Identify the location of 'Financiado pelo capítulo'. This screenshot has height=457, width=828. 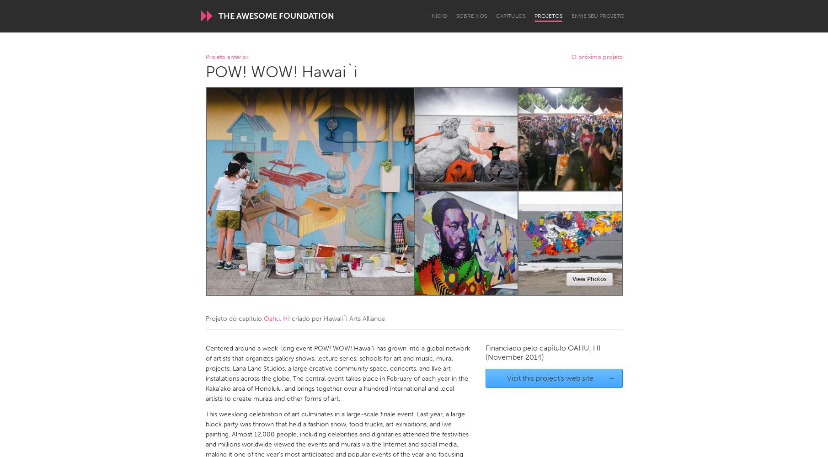
(526, 347).